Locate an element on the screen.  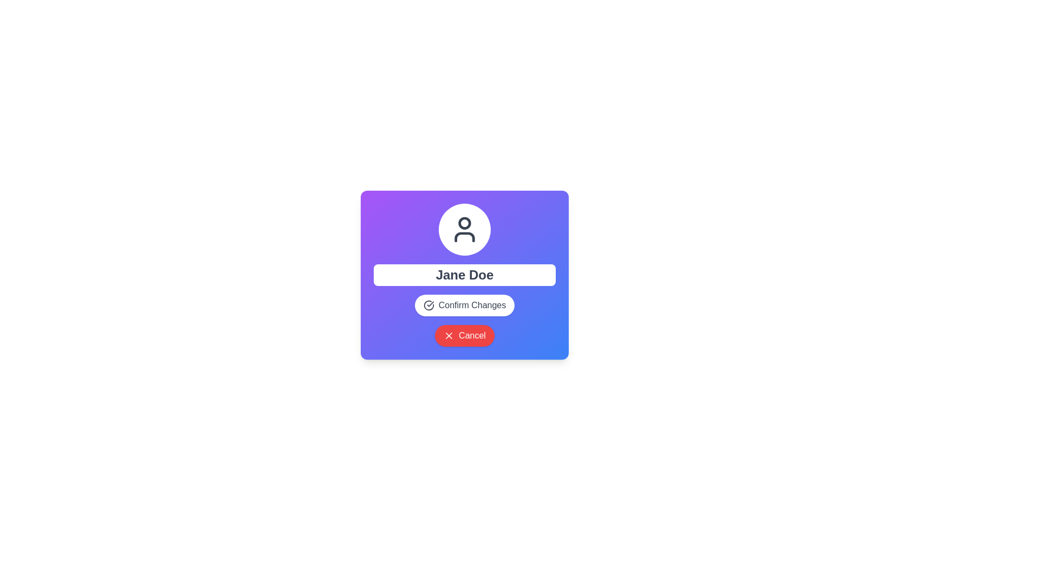
the cancel icon, which is part of the 'Cancel' button and positioned to the left of the button's text is located at coordinates (449, 335).